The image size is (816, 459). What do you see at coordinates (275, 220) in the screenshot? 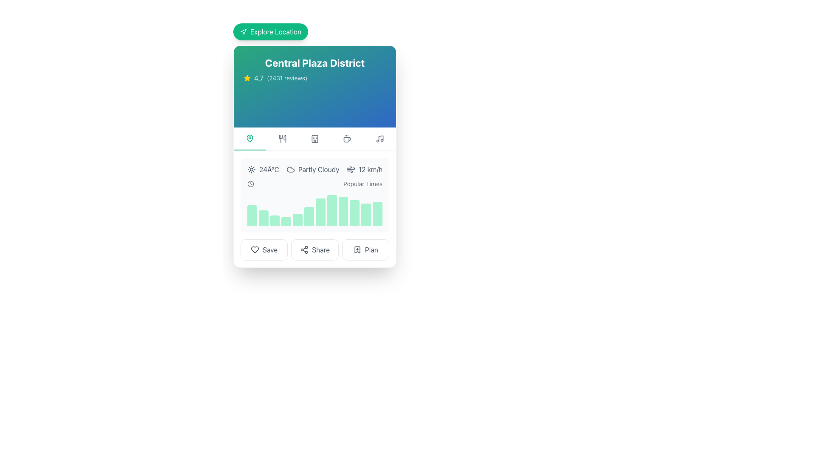
I see `value of the third bar in the 'Popular Times' bar graph, which indicates a specific data point related to its magnitude` at bounding box center [275, 220].